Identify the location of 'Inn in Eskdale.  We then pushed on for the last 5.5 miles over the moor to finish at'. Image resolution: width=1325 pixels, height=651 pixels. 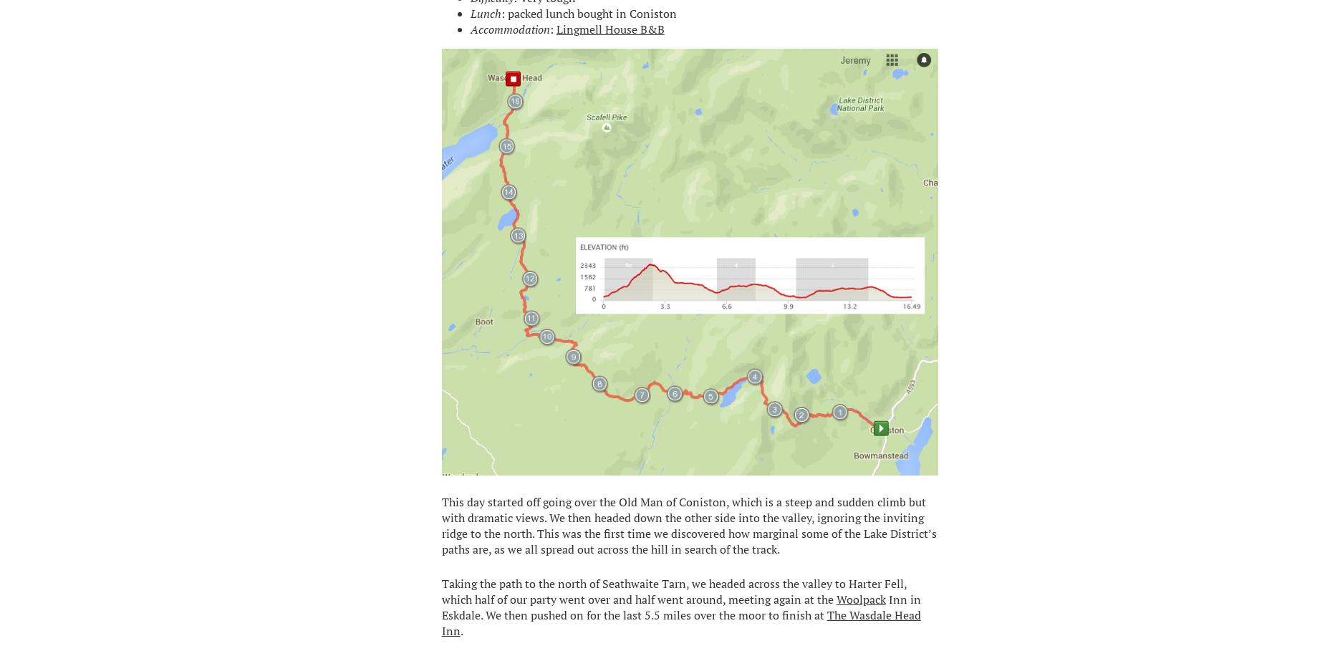
(680, 607).